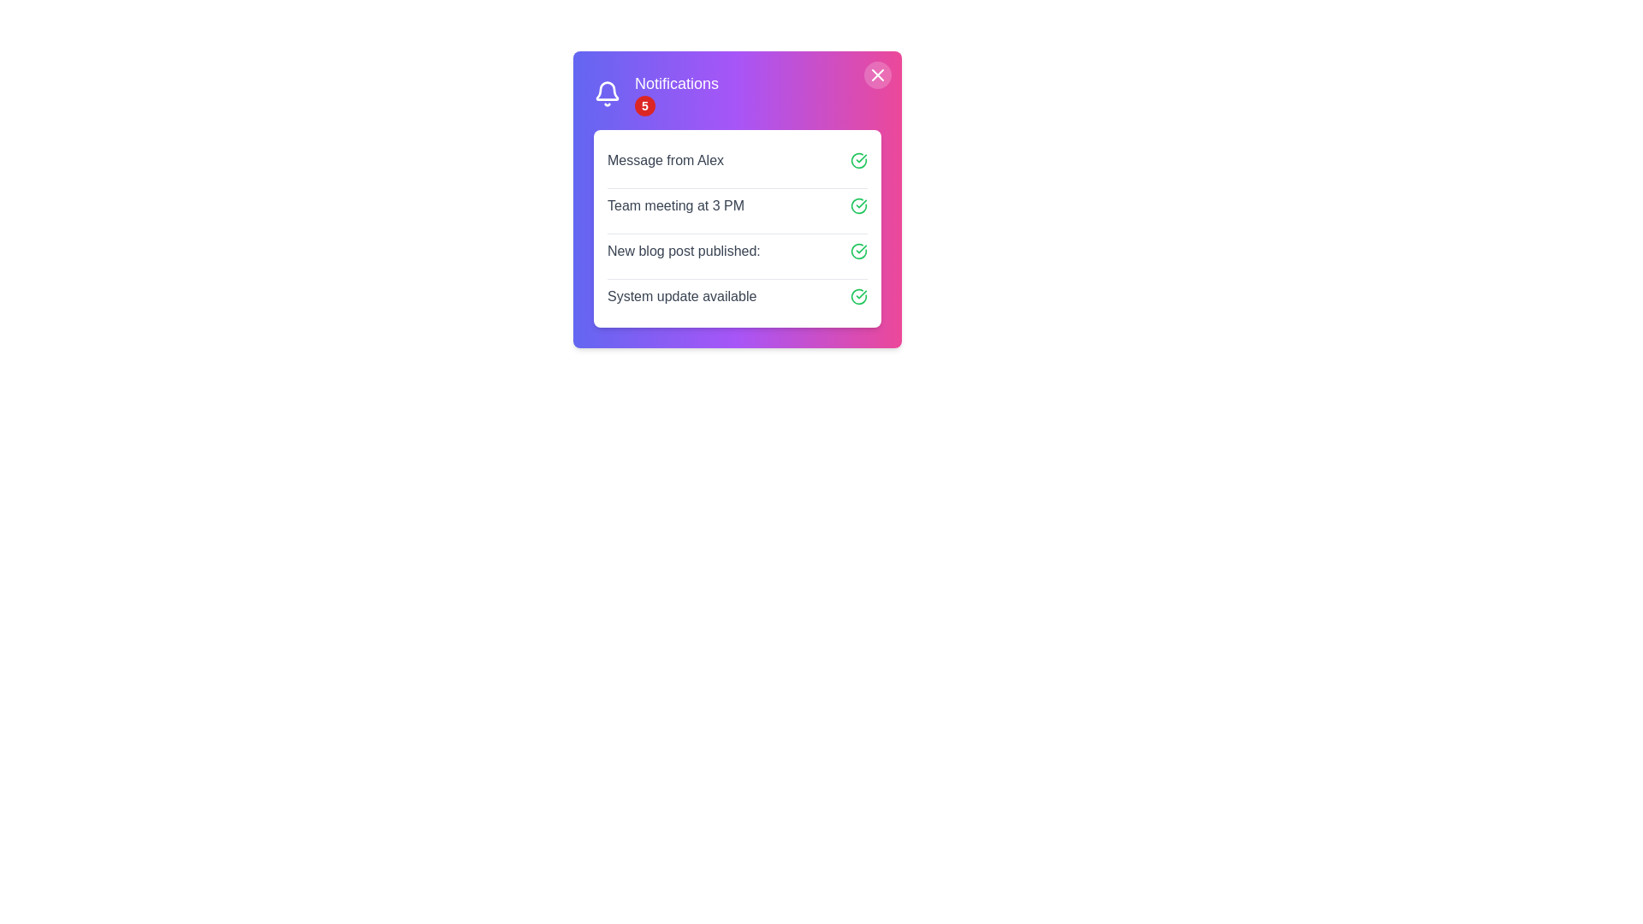 The width and height of the screenshot is (1643, 924). I want to click on the notification text label that indicates a new blog post, which is the third item in the notification list and aligned to the left within the notification card, so click(683, 251).